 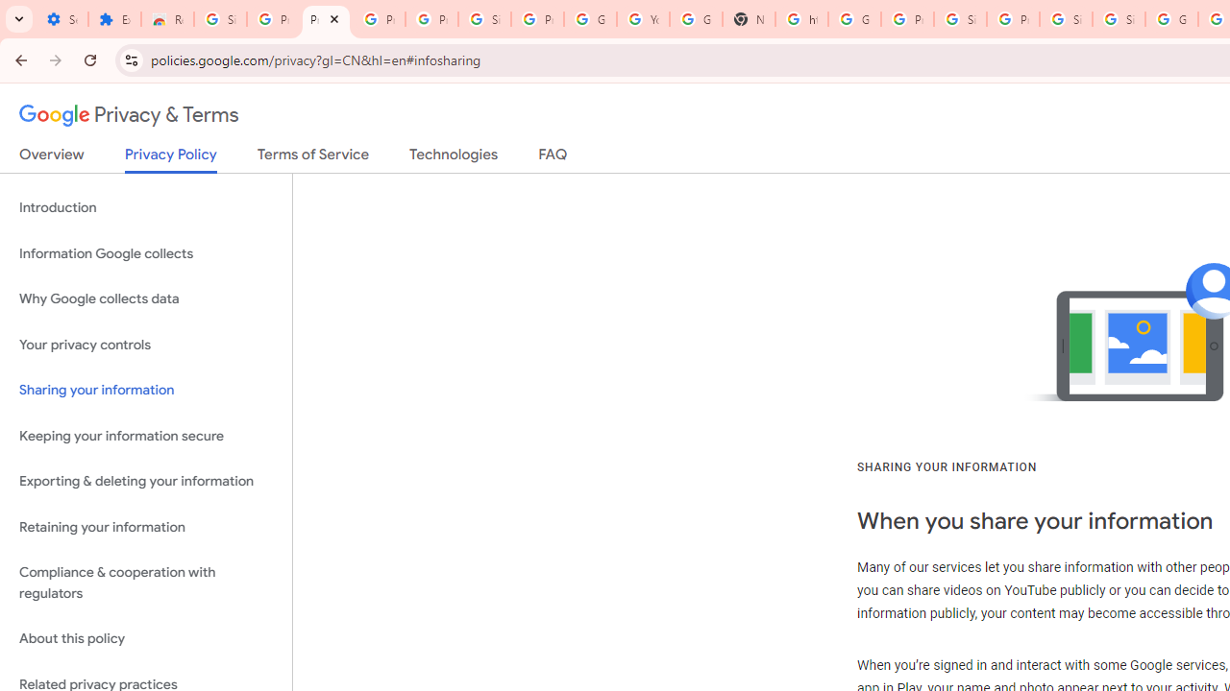 What do you see at coordinates (145, 344) in the screenshot?
I see `'Your privacy controls'` at bounding box center [145, 344].